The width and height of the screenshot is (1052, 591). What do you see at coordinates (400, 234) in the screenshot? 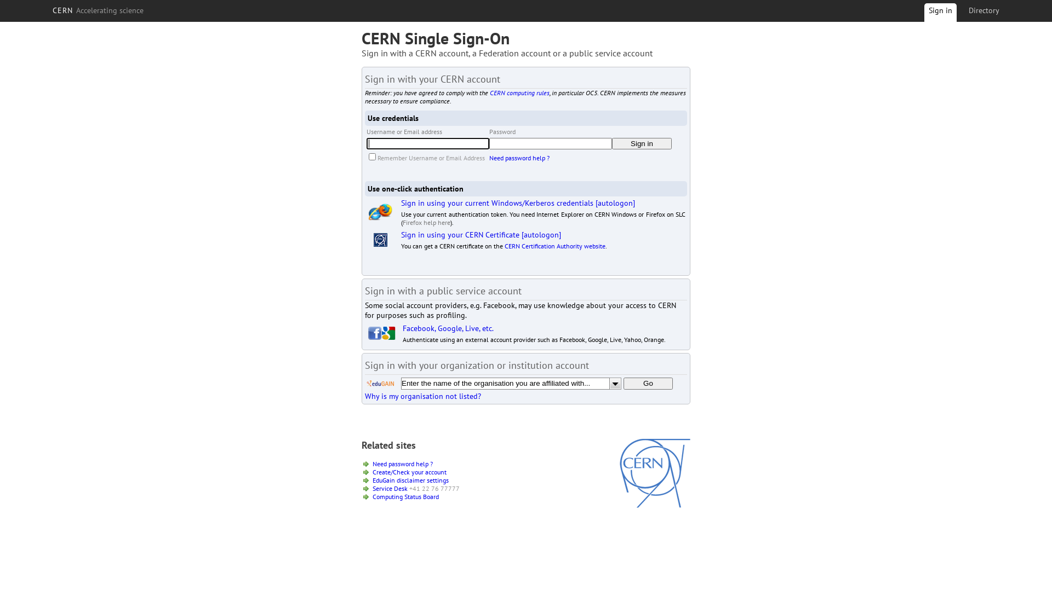
I see `'Sign in using your CERN Certificate'` at bounding box center [400, 234].